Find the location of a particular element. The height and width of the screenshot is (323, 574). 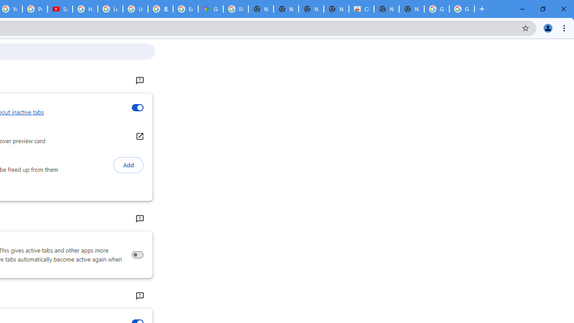

'Chrome Web Store' is located at coordinates (361, 9).